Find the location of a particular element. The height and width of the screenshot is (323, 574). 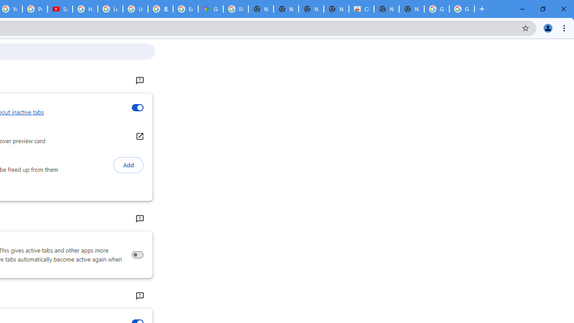

'Chrome Web Store' is located at coordinates (361, 9).